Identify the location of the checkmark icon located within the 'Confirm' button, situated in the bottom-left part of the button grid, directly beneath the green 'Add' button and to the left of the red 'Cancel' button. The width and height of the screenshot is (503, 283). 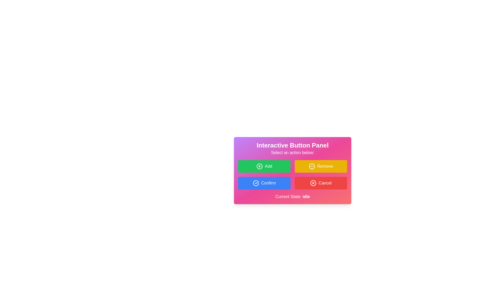
(256, 183).